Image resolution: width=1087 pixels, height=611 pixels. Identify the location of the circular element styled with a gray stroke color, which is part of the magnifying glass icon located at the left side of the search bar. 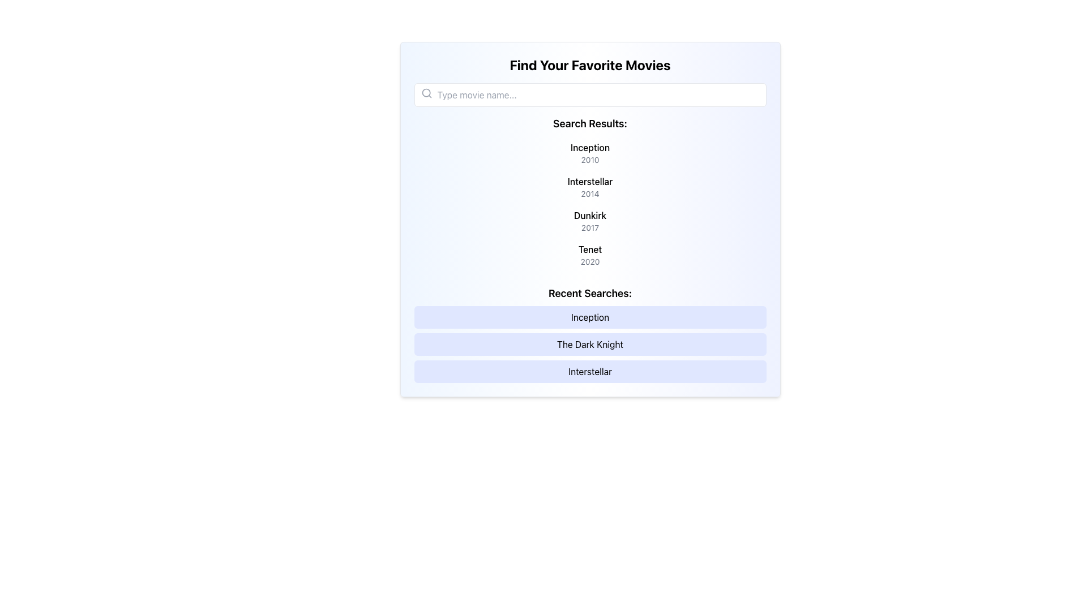
(425, 92).